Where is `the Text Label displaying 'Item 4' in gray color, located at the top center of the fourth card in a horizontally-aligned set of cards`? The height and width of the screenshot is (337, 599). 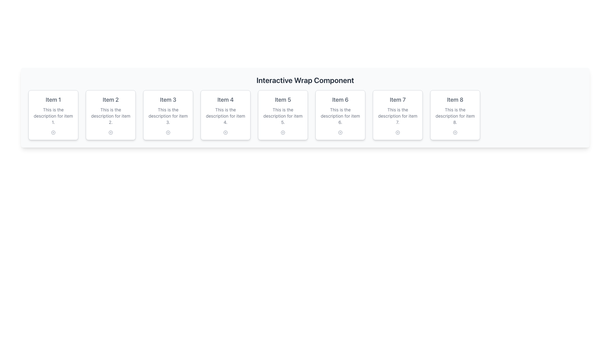
the Text Label displaying 'Item 4' in gray color, located at the top center of the fourth card in a horizontally-aligned set of cards is located at coordinates (225, 100).